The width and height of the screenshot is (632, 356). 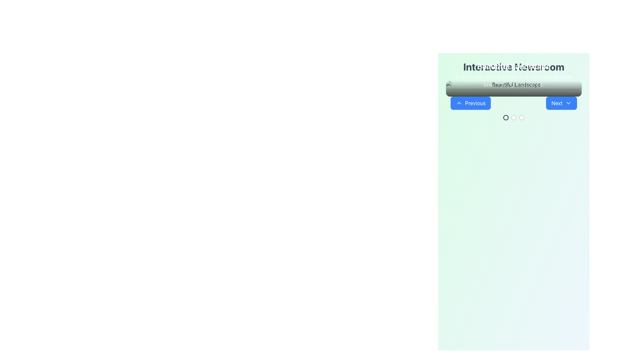 I want to click on the first circular Interactive Indicator located below the navigational section with 'Previous' and 'Next' buttons, so click(x=505, y=117).